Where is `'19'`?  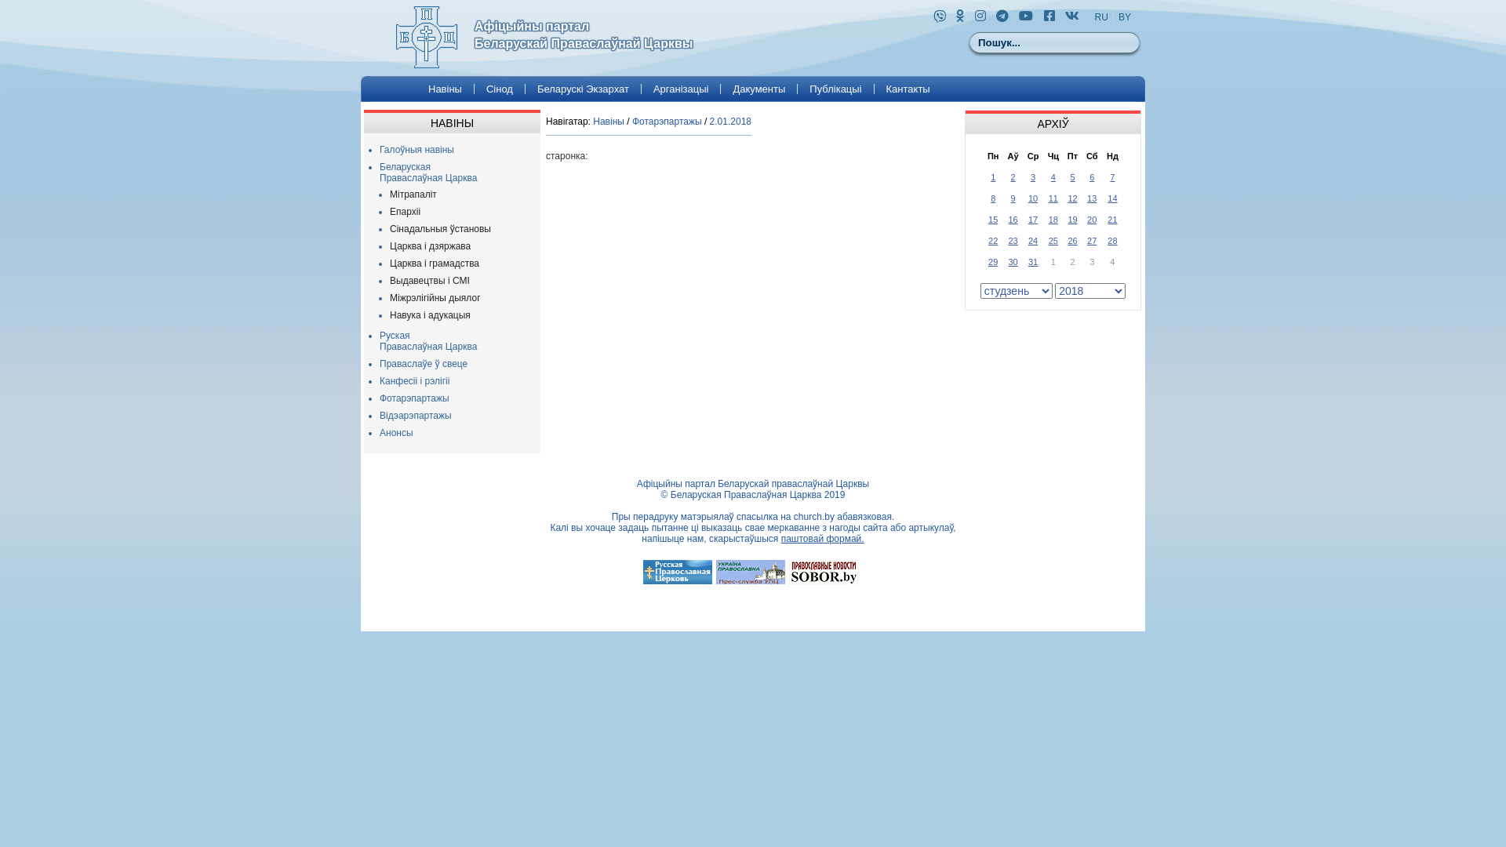 '19' is located at coordinates (1067, 220).